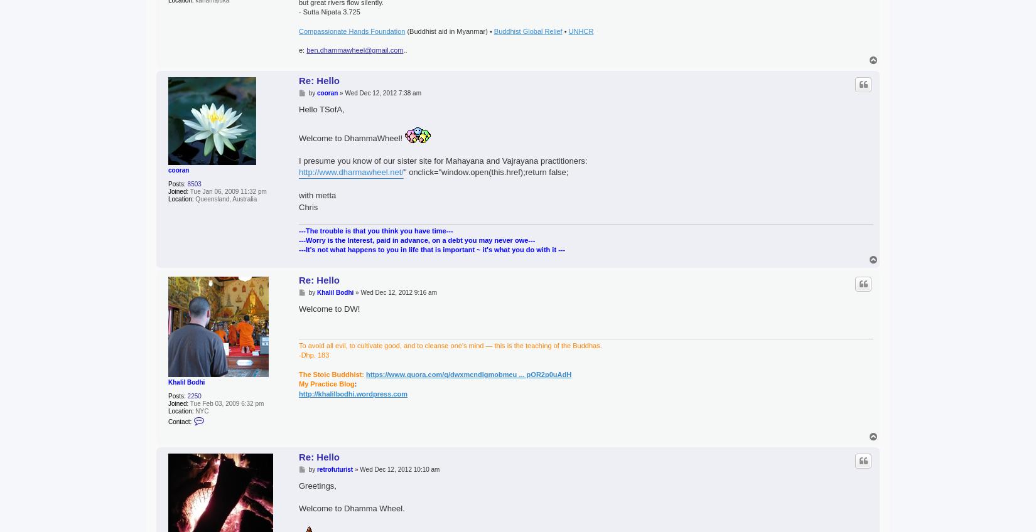  Describe the element at coordinates (404, 50) in the screenshot. I see `'..'` at that location.